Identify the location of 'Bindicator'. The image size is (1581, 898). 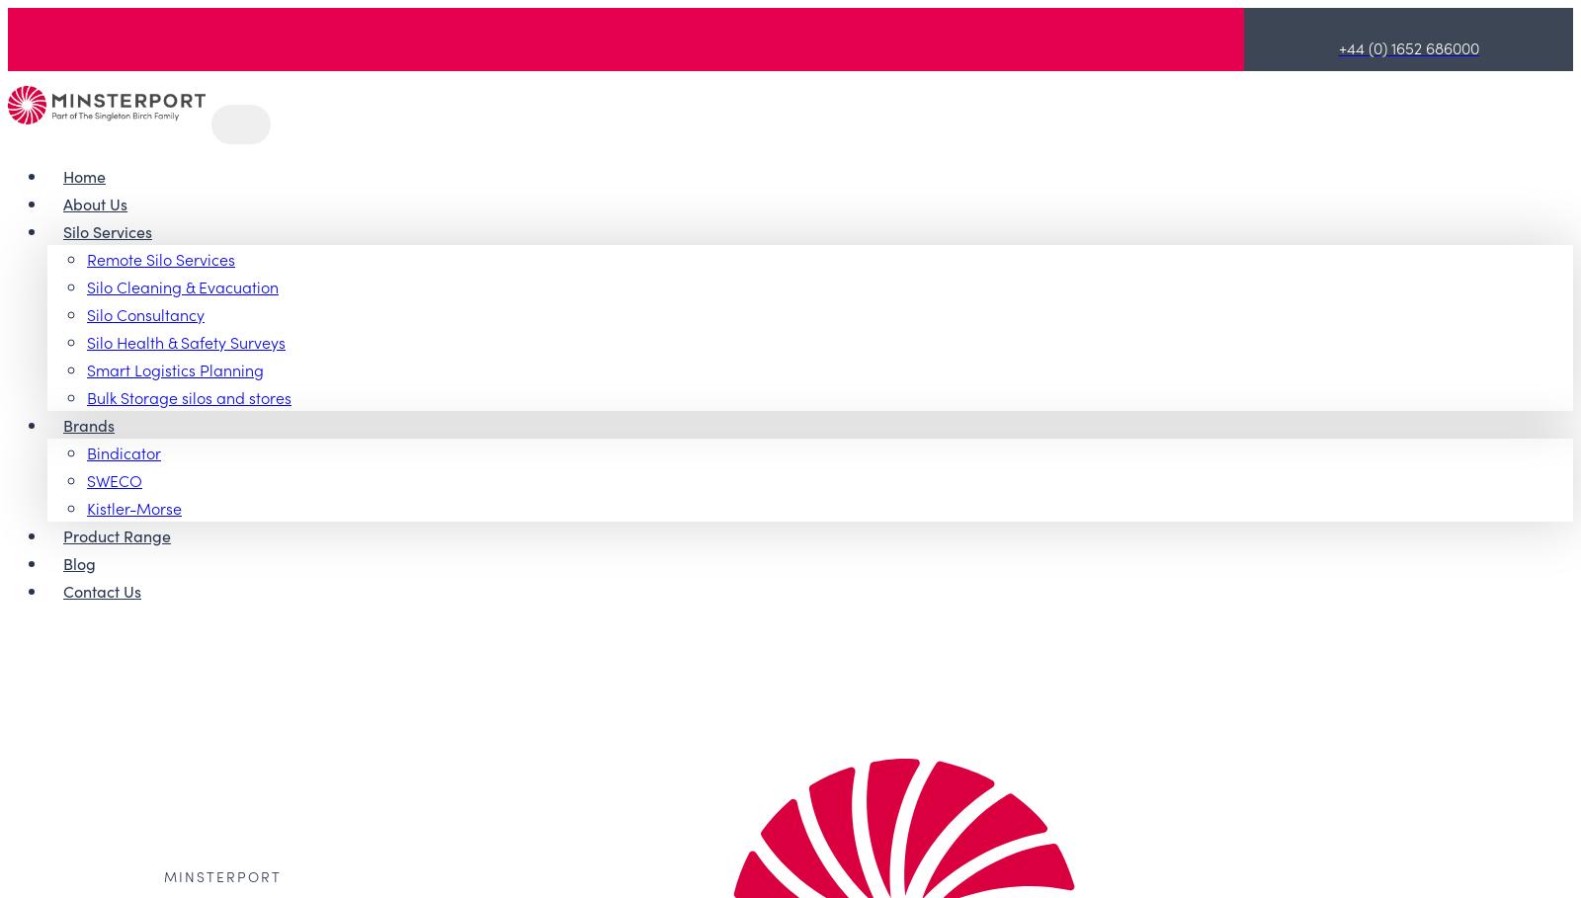
(123, 451).